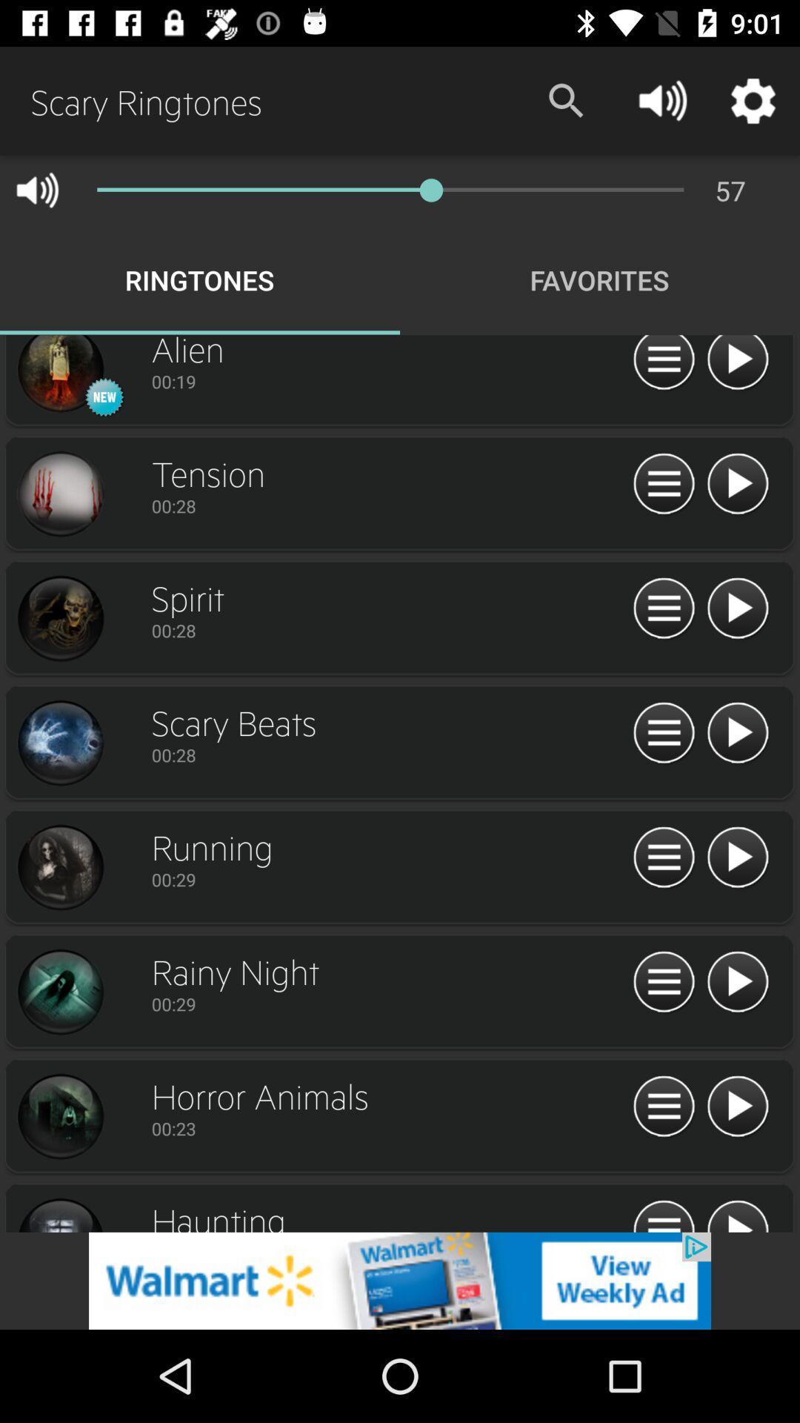 Image resolution: width=800 pixels, height=1423 pixels. I want to click on option, so click(737, 484).